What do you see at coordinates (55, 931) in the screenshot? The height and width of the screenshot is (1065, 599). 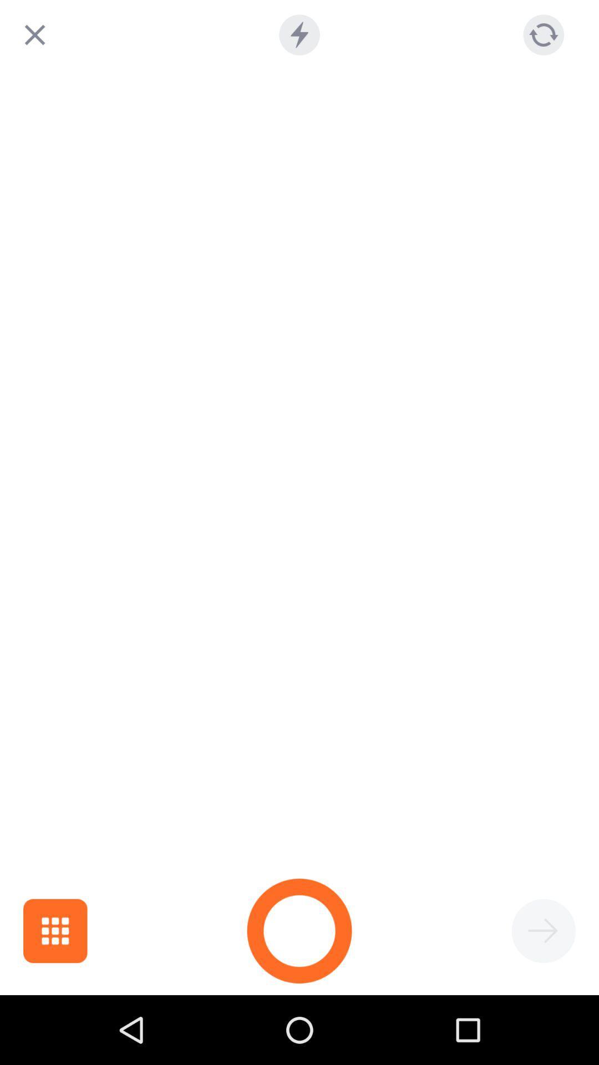 I see `show grid` at bounding box center [55, 931].